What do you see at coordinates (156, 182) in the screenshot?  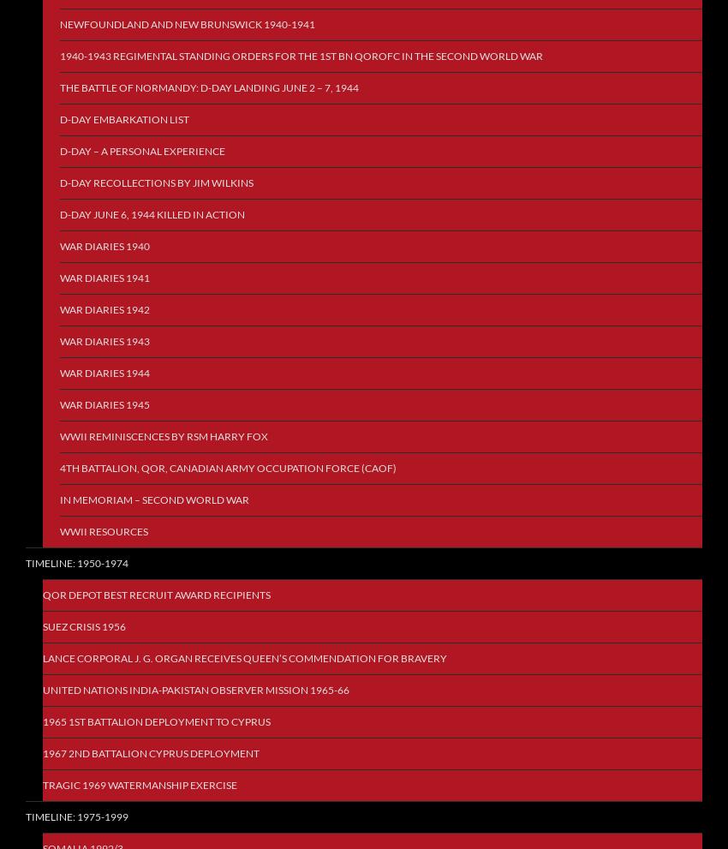 I see `'D-Day Recollections by Jim Wilkins'` at bounding box center [156, 182].